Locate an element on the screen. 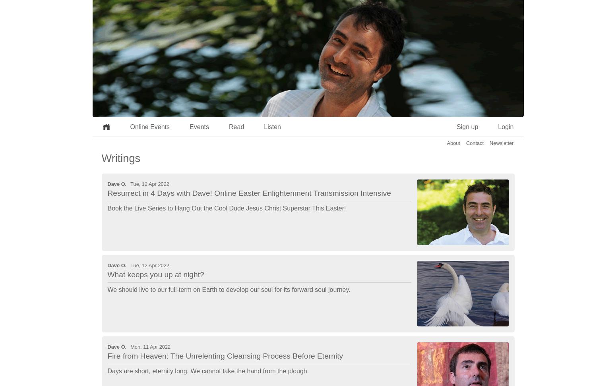 The image size is (616, 386). 'Online Events' is located at coordinates (130, 126).